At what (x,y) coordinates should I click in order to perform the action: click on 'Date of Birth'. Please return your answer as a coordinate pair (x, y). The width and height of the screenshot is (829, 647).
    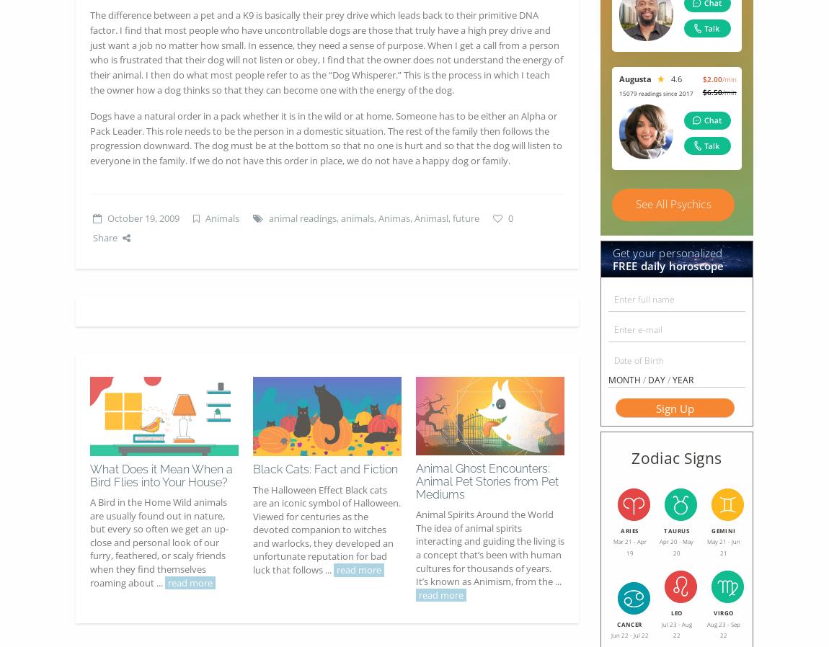
    Looking at the image, I should click on (638, 360).